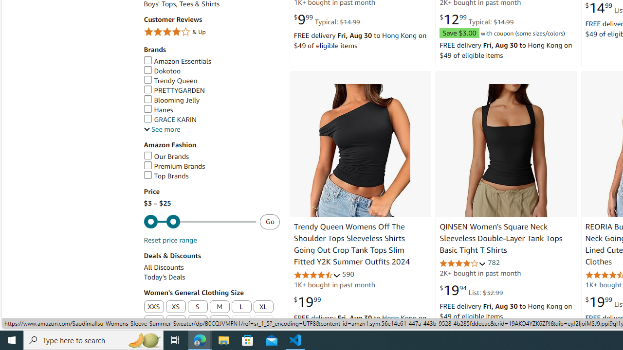 The image size is (623, 350). What do you see at coordinates (494, 262) in the screenshot?
I see `'782'` at bounding box center [494, 262].